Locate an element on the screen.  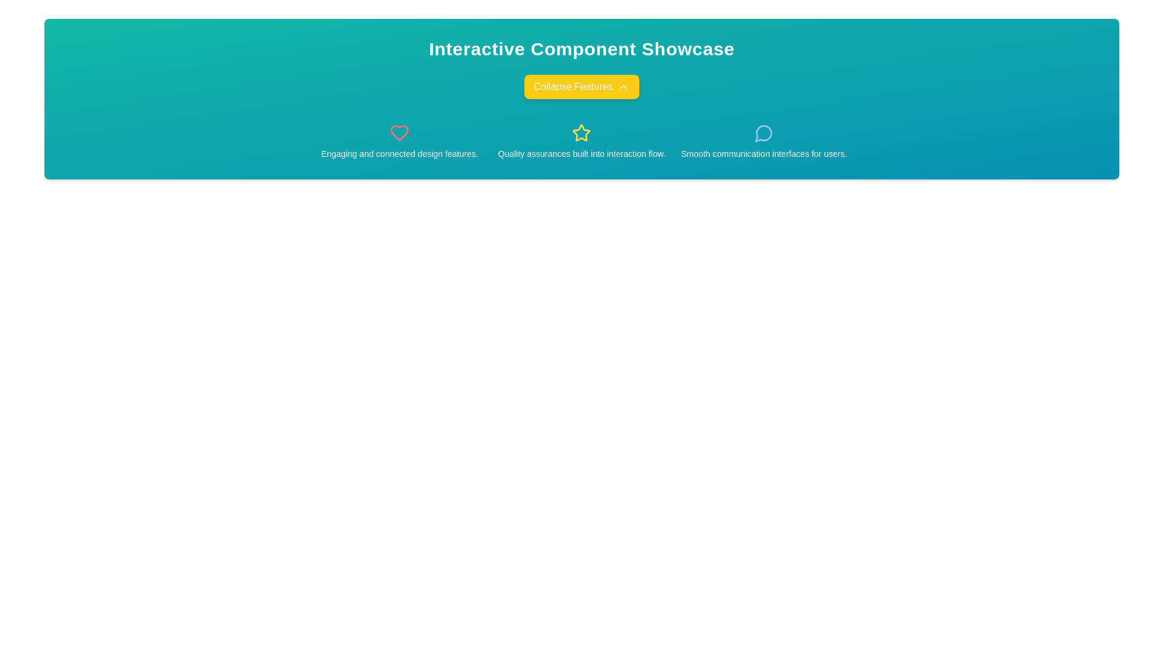
displayed text of the Informative Icon with Text positioned between the components titled 'Engaging and connected design features.' and 'Smooth communication interfaces for users.' is located at coordinates (581, 141).